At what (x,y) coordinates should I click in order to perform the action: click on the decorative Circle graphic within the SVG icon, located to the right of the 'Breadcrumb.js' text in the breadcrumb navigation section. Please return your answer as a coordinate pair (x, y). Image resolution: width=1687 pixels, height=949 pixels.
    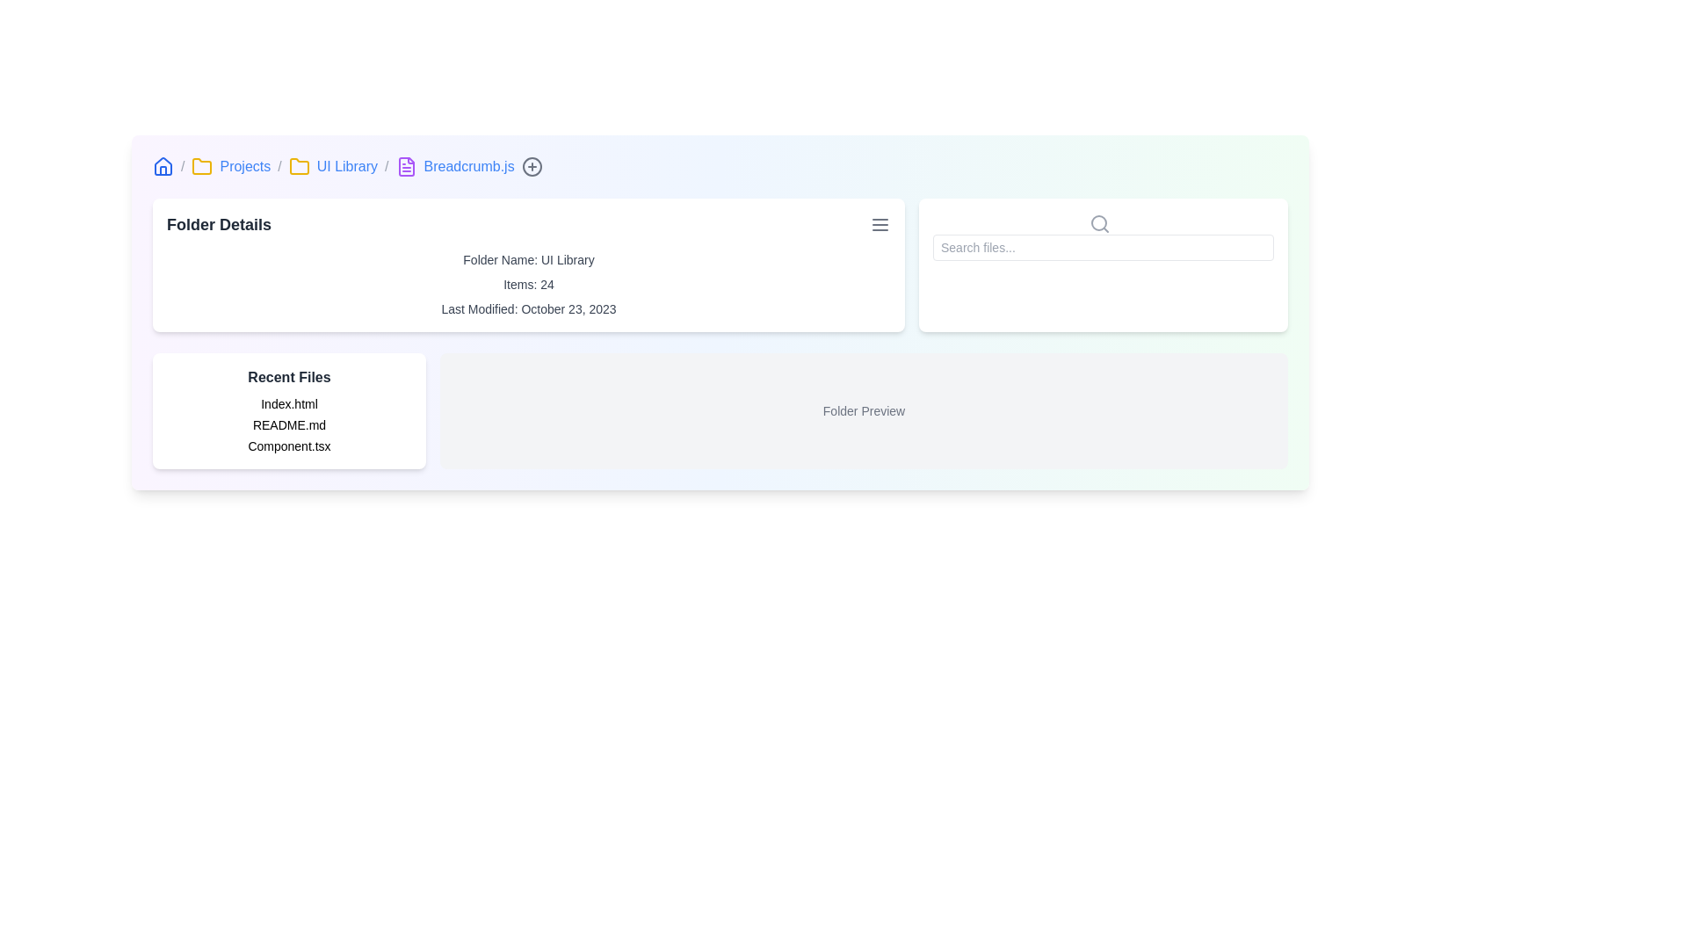
    Looking at the image, I should click on (531, 166).